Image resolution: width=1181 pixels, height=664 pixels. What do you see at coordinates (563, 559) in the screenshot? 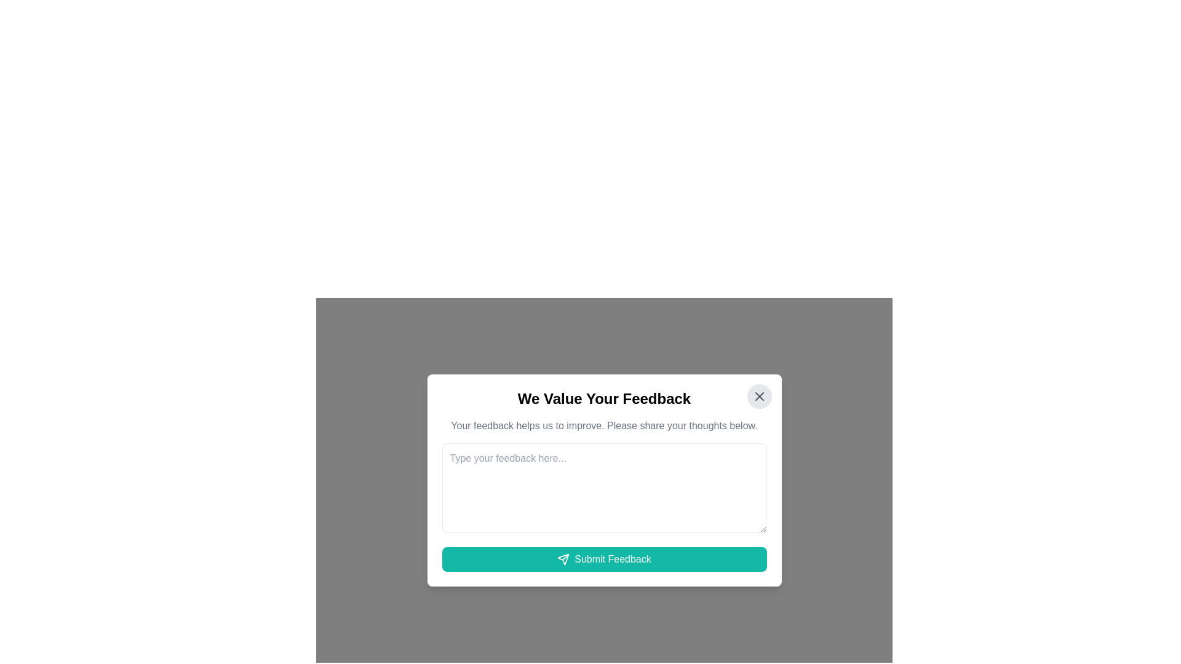
I see `SVG properties of the decorative icon within the 'Submit Feedback' button located at the bottom center of the 'We Value Your Feedback' modal dialog box` at bounding box center [563, 559].